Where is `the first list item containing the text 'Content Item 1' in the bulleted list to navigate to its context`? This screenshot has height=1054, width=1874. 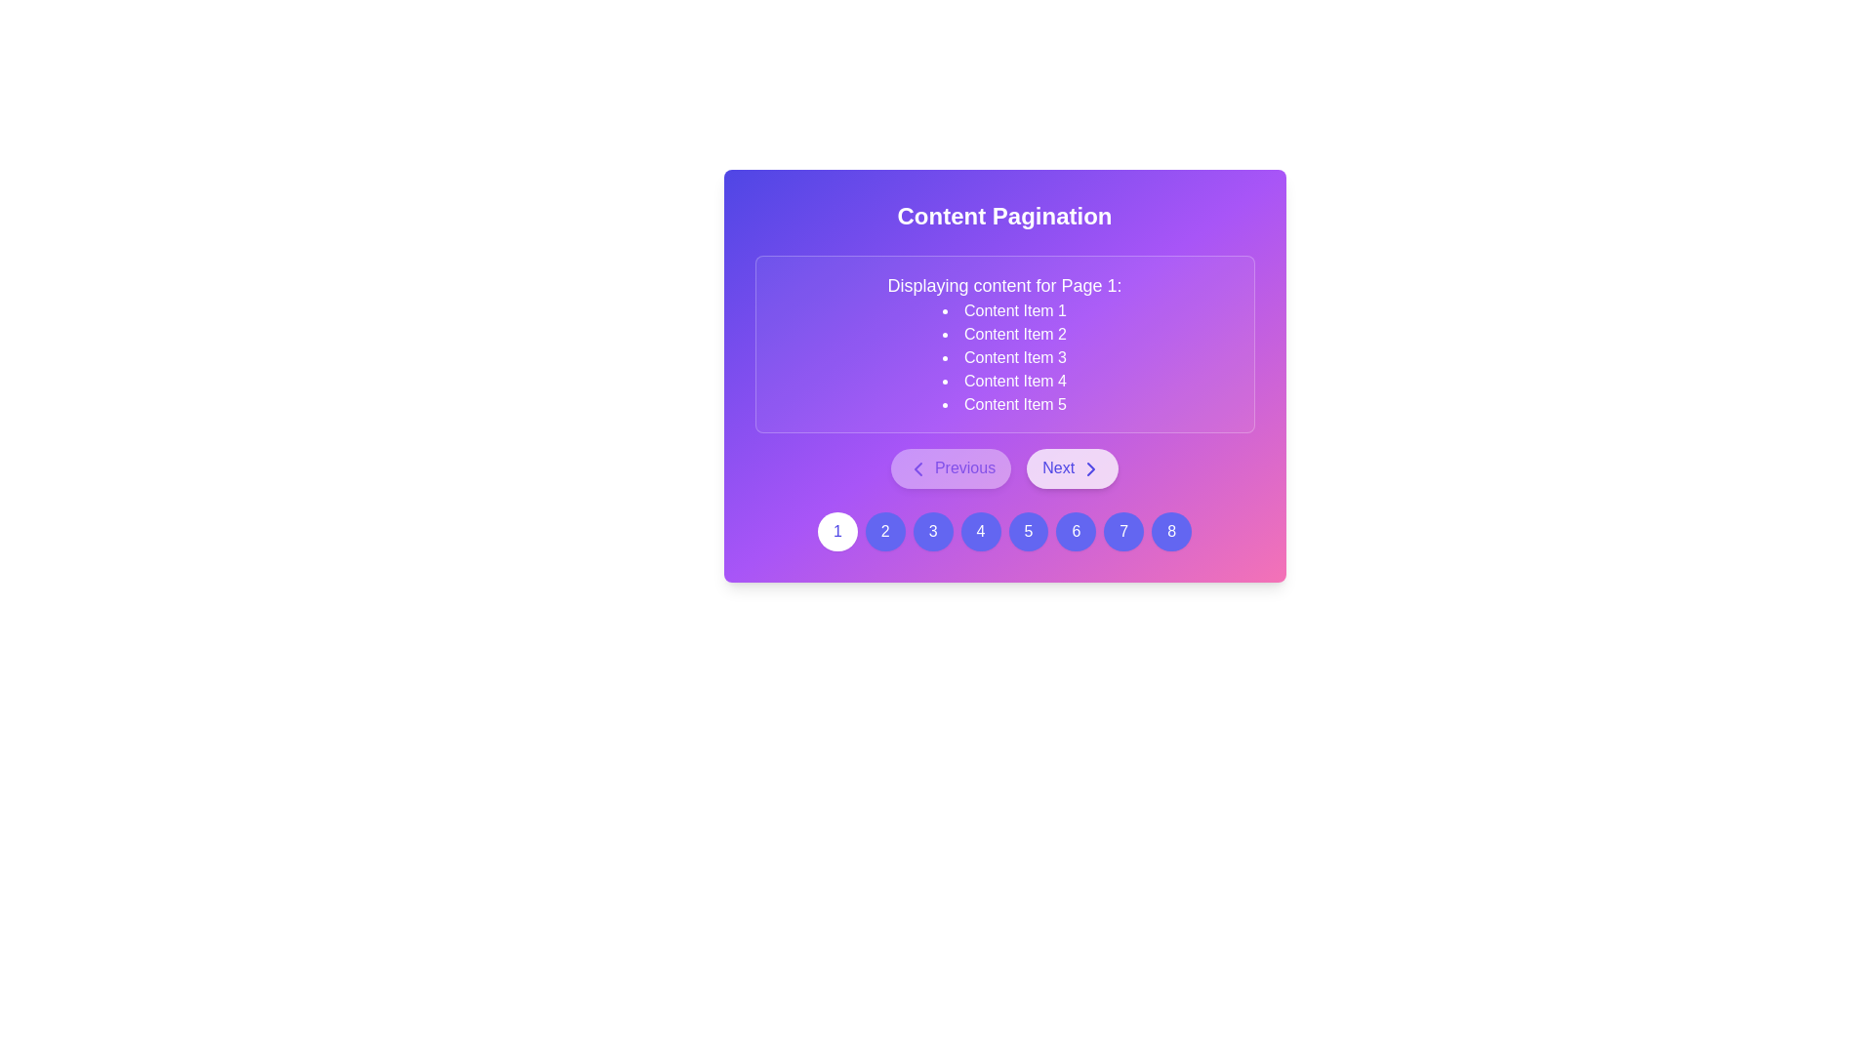 the first list item containing the text 'Content Item 1' in the bulleted list to navigate to its context is located at coordinates (1004, 310).